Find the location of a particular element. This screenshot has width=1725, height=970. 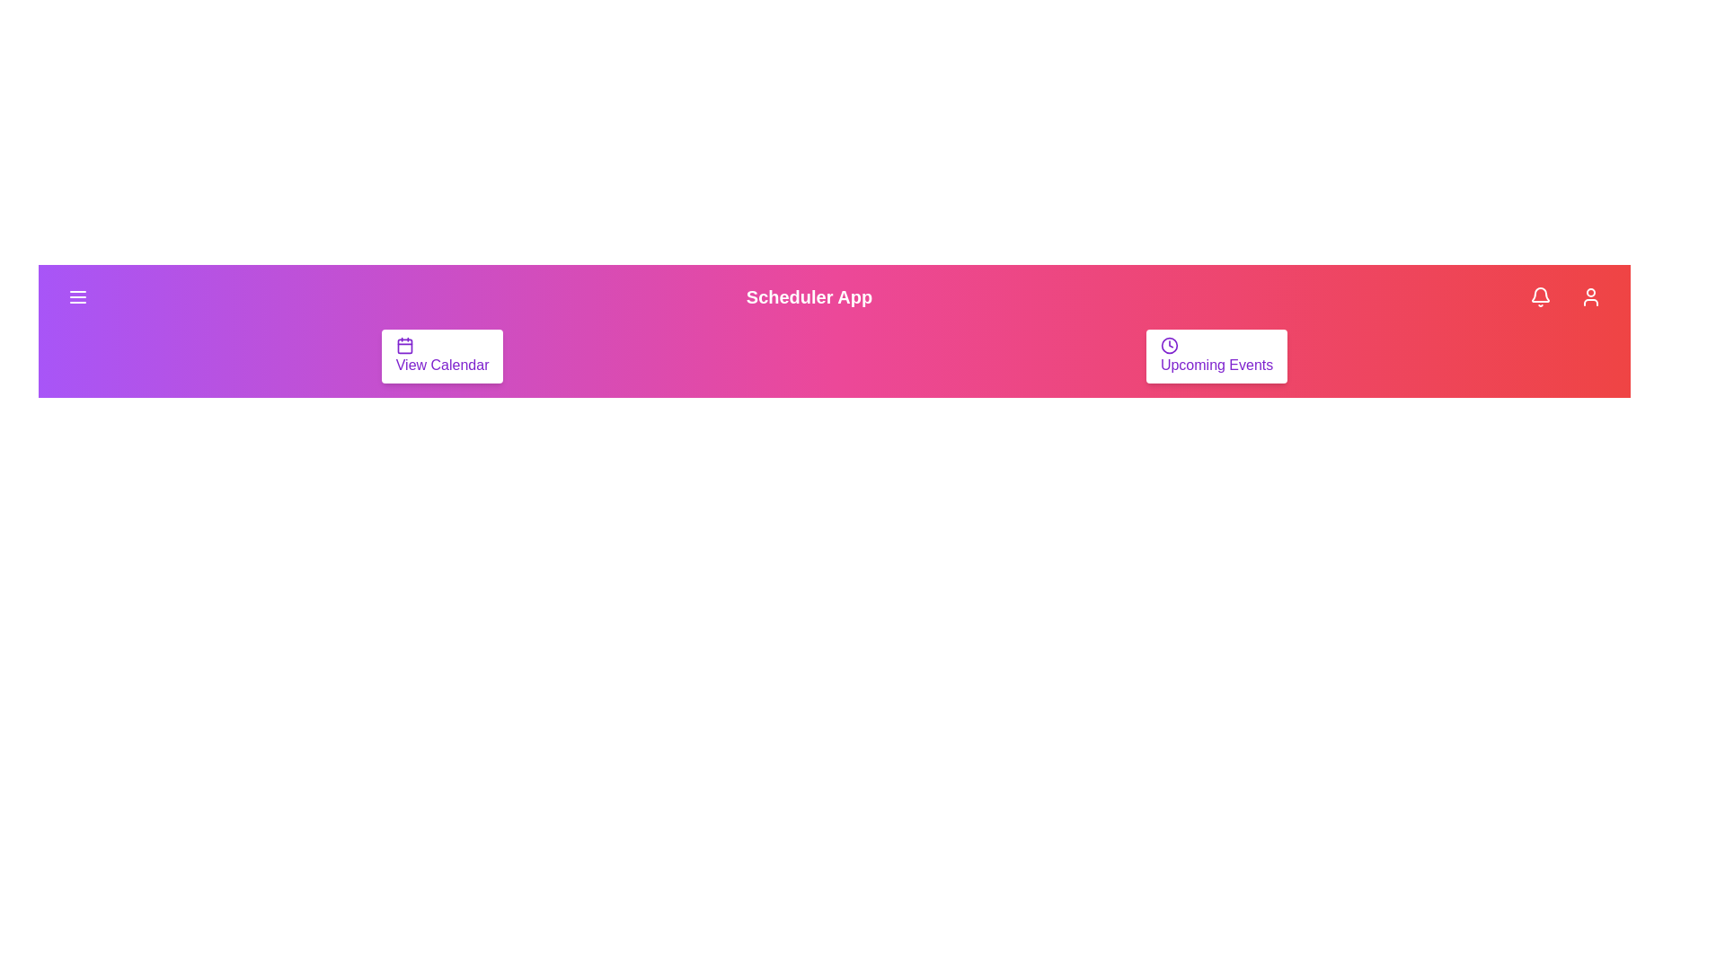

'Upcoming Events' button to view upcoming events is located at coordinates (1216, 357).